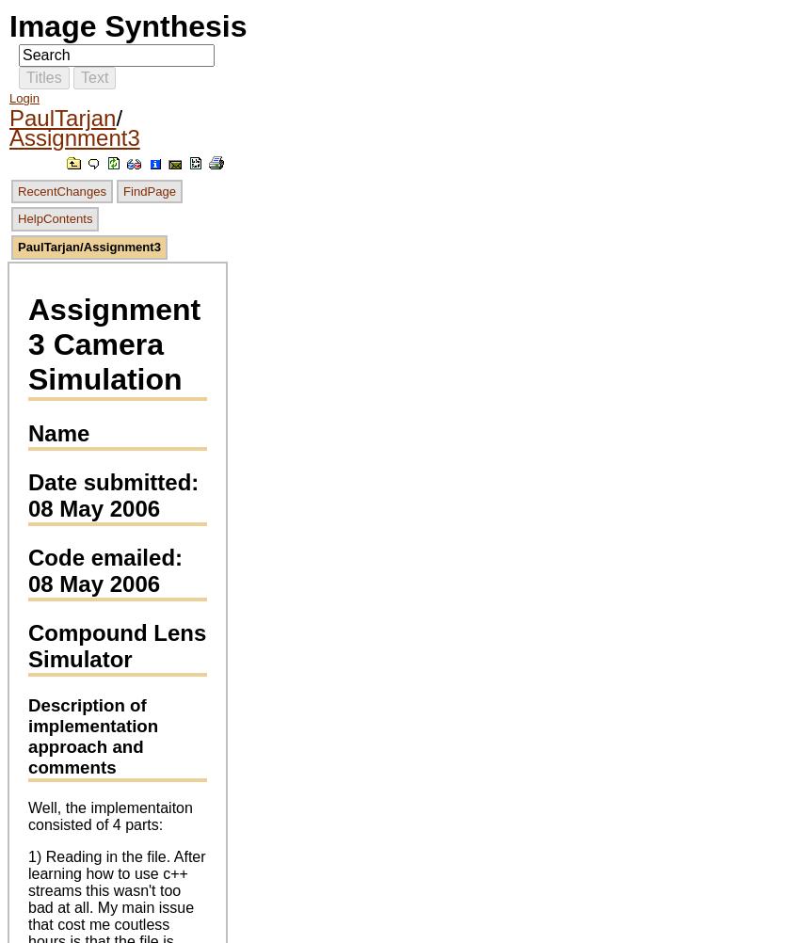 The image size is (801, 943). I want to click on 'Name', so click(58, 432).